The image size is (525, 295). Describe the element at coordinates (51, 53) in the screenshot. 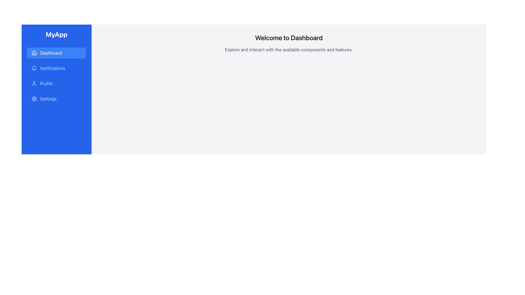

I see `the 'Dashboard' text label, which is part of the navigation button that grants access to the Dashboard section of the application` at that location.